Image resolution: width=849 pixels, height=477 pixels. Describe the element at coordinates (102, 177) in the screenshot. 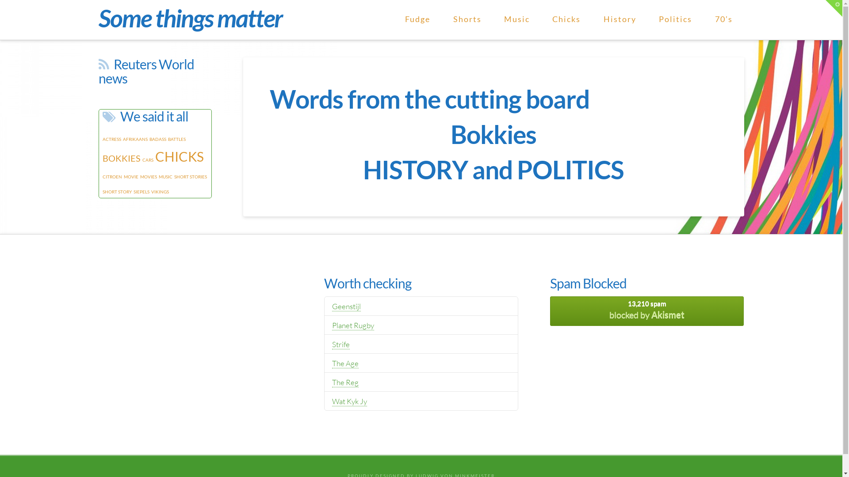

I see `'CITROEN'` at that location.